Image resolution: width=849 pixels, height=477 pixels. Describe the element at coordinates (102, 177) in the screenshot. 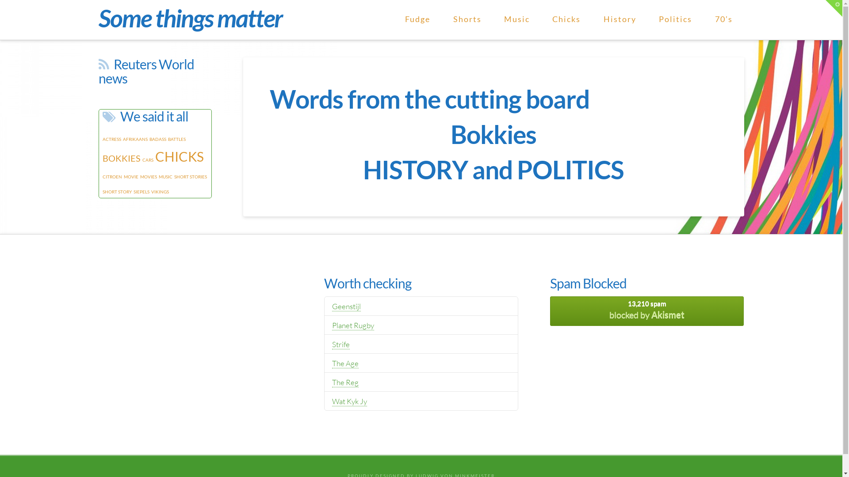

I see `'CITROEN'` at that location.